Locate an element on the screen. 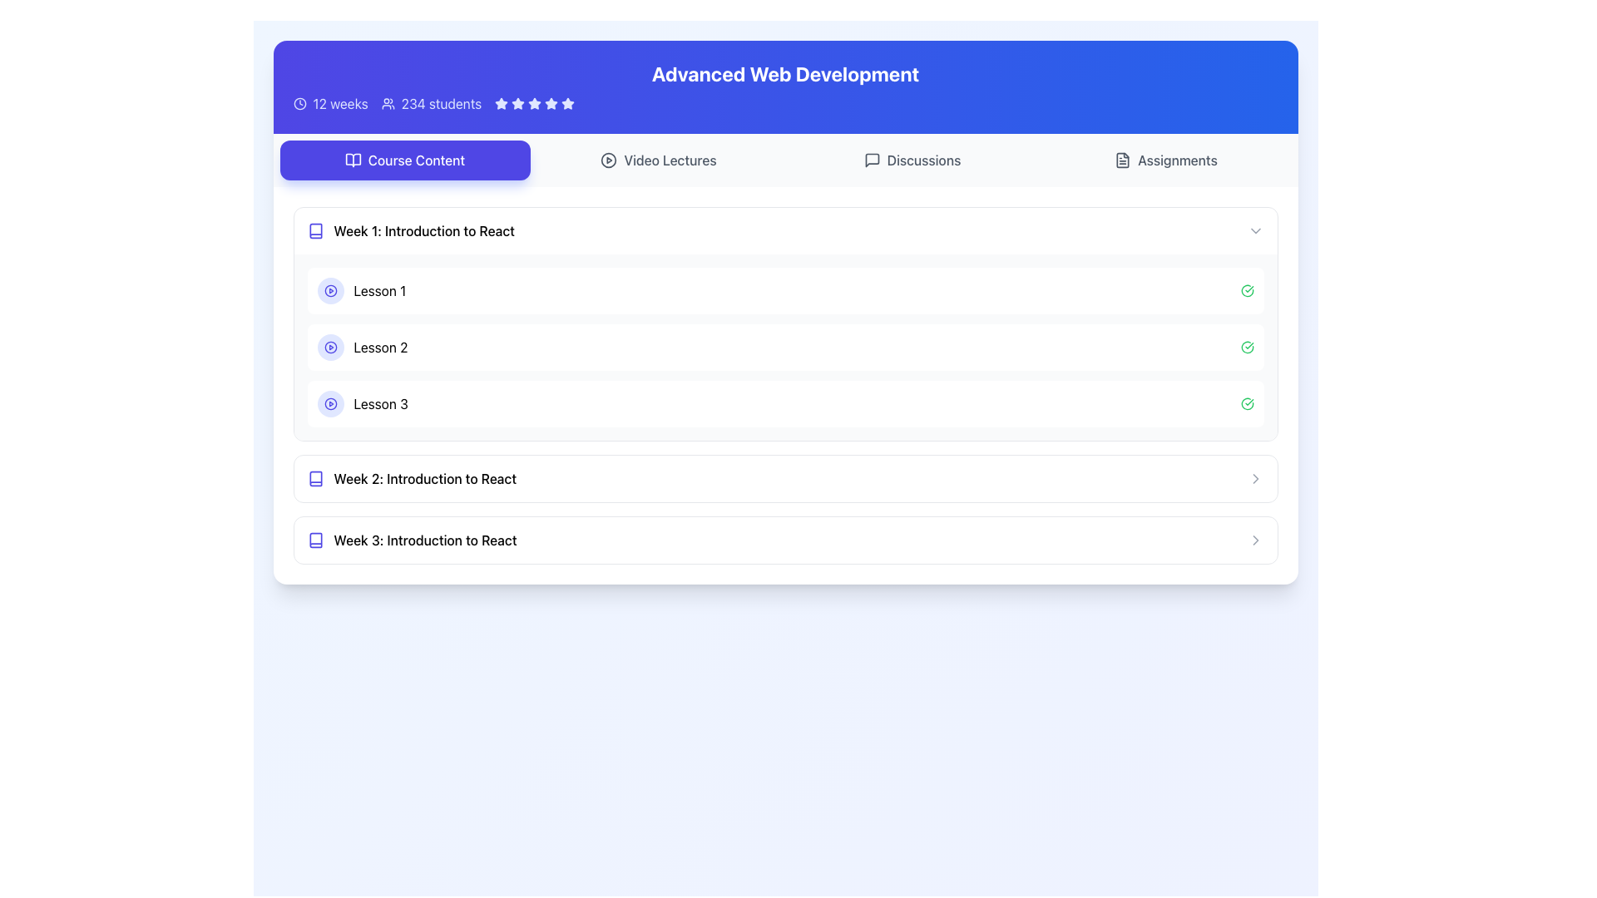 The height and width of the screenshot is (898, 1597). the header for Week 3 is located at coordinates (425, 540).